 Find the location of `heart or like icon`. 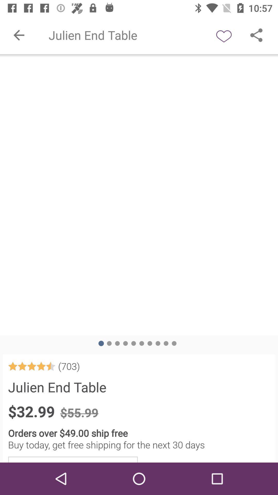

heart or like icon is located at coordinates (224, 35).